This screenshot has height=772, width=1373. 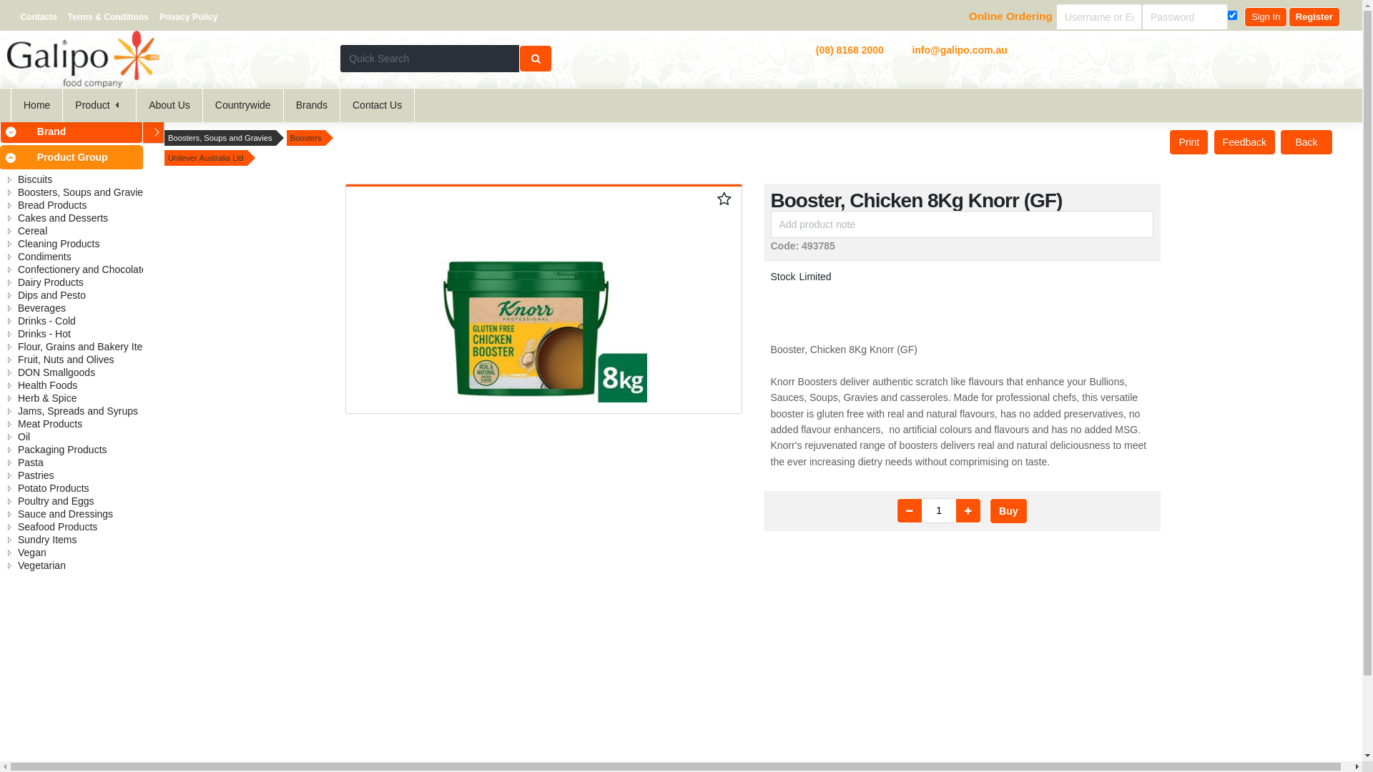 What do you see at coordinates (1306, 142) in the screenshot?
I see `'Back'` at bounding box center [1306, 142].